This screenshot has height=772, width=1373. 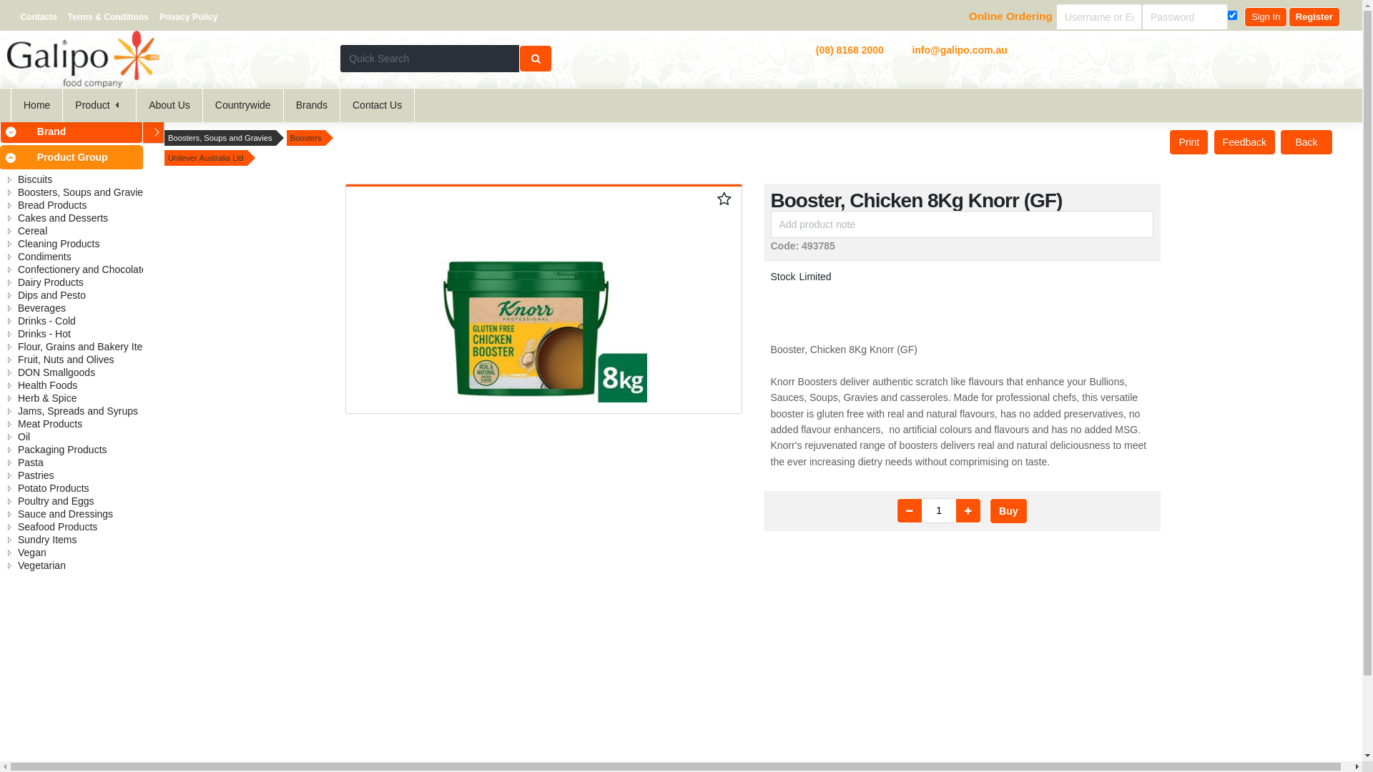 What do you see at coordinates (1306, 142) in the screenshot?
I see `'Back'` at bounding box center [1306, 142].